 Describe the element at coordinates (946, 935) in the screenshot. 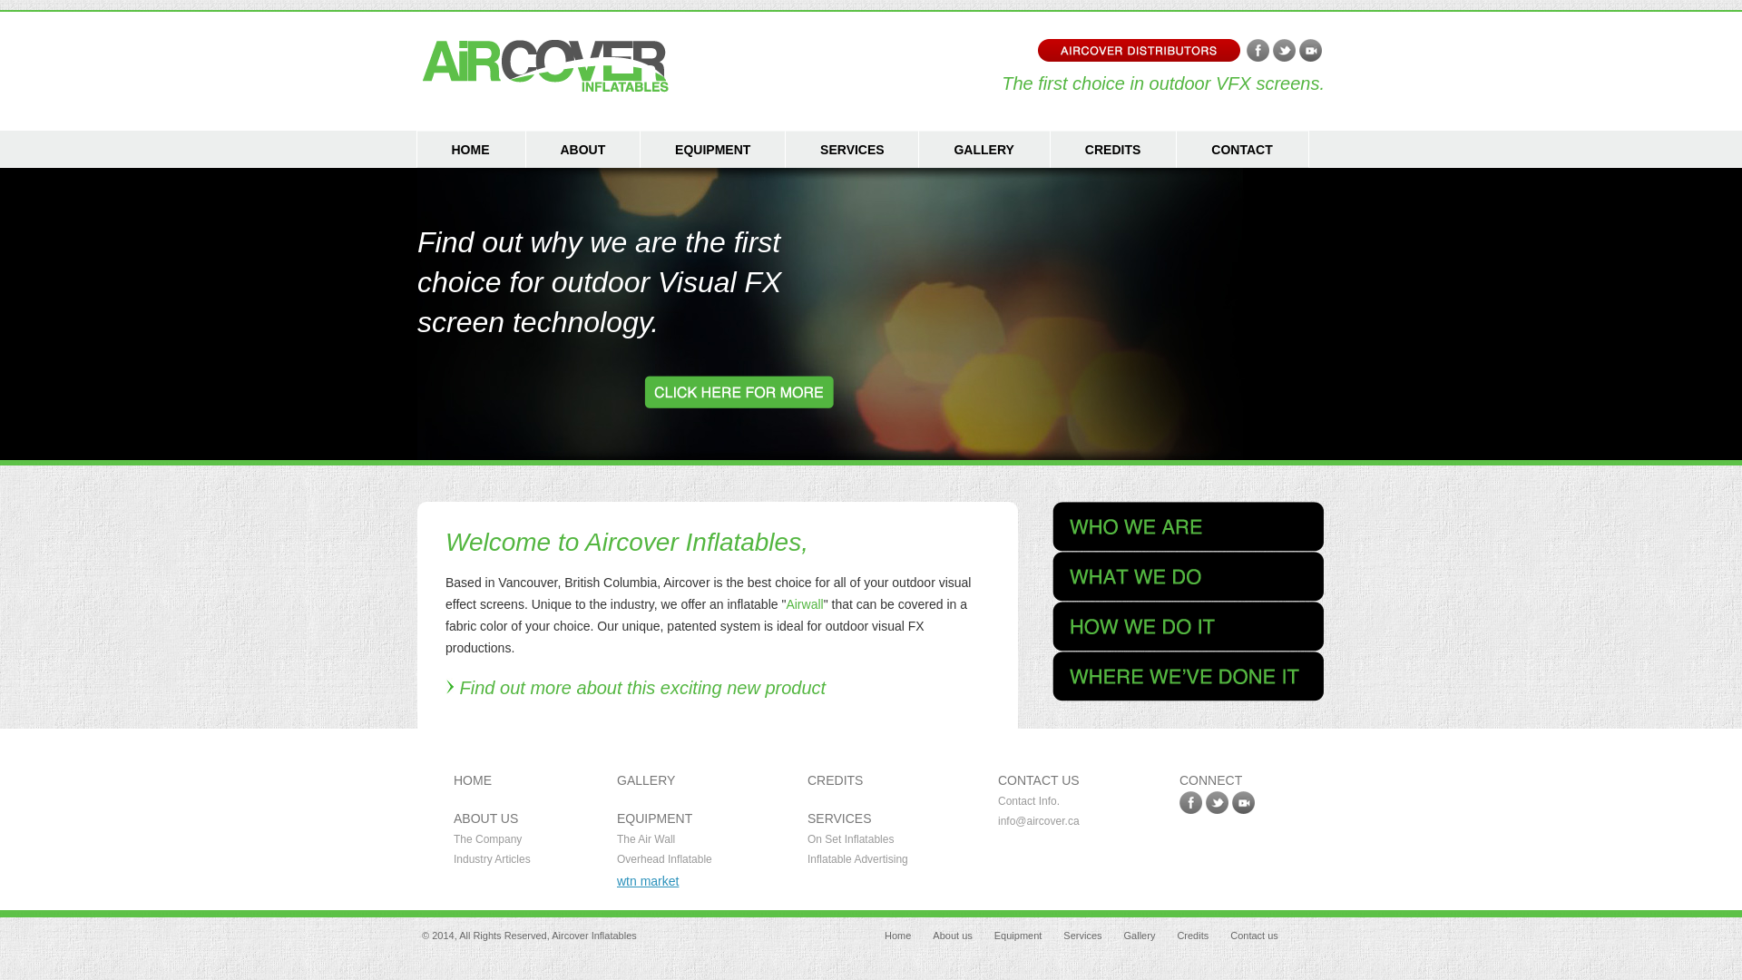

I see `'About us'` at that location.